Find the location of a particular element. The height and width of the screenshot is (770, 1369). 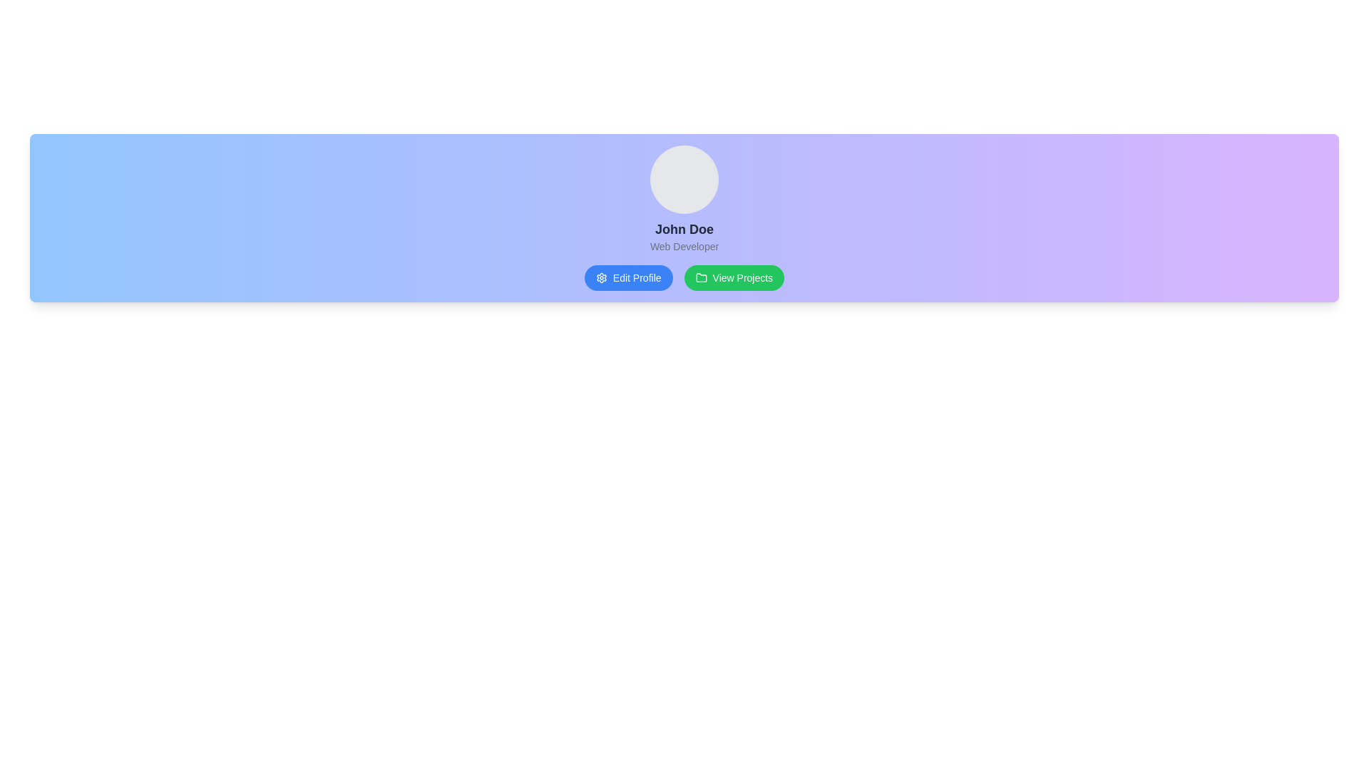

the folder icon within the 'View Projects' green button, which is located to the right of the 'Edit Profile' blue button on the user profile card for 'John Doe' is located at coordinates (701, 277).